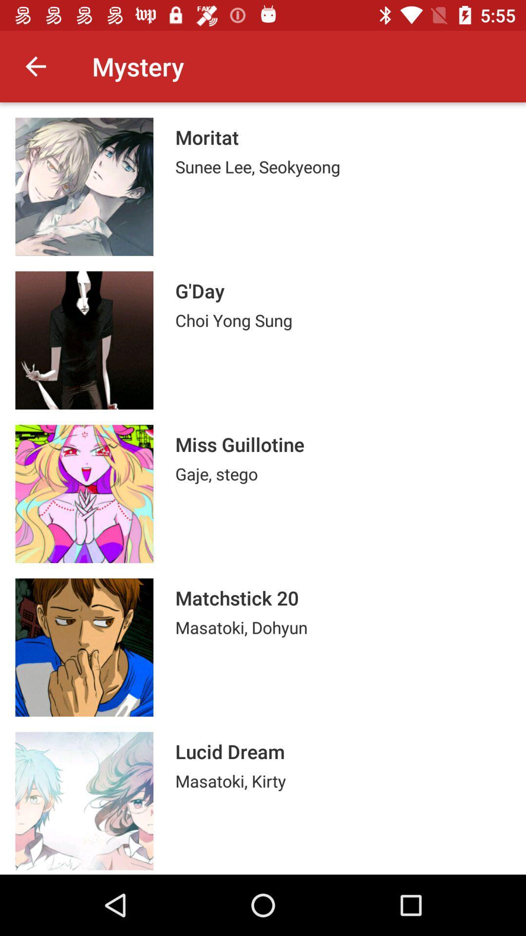 Image resolution: width=526 pixels, height=936 pixels. I want to click on icon to the left of mystery icon, so click(35, 66).